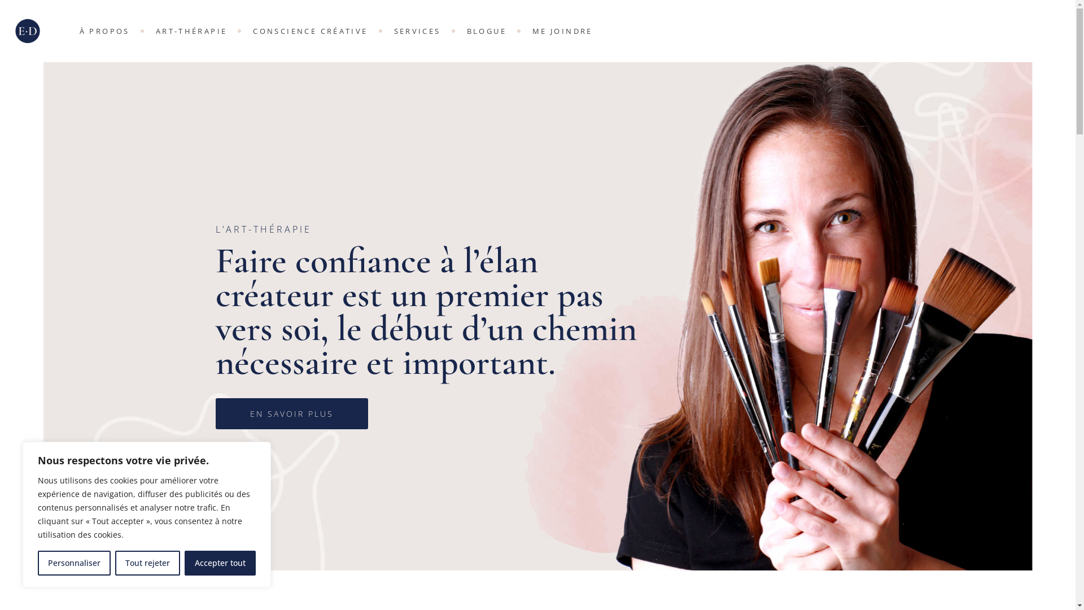  I want to click on 'BLOGUE', so click(487, 30).